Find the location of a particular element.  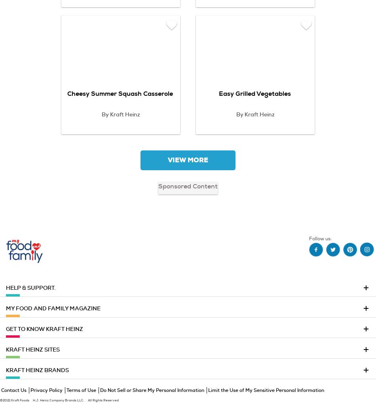

'GET TO KNOW KRAFT HEINZ' is located at coordinates (44, 328).